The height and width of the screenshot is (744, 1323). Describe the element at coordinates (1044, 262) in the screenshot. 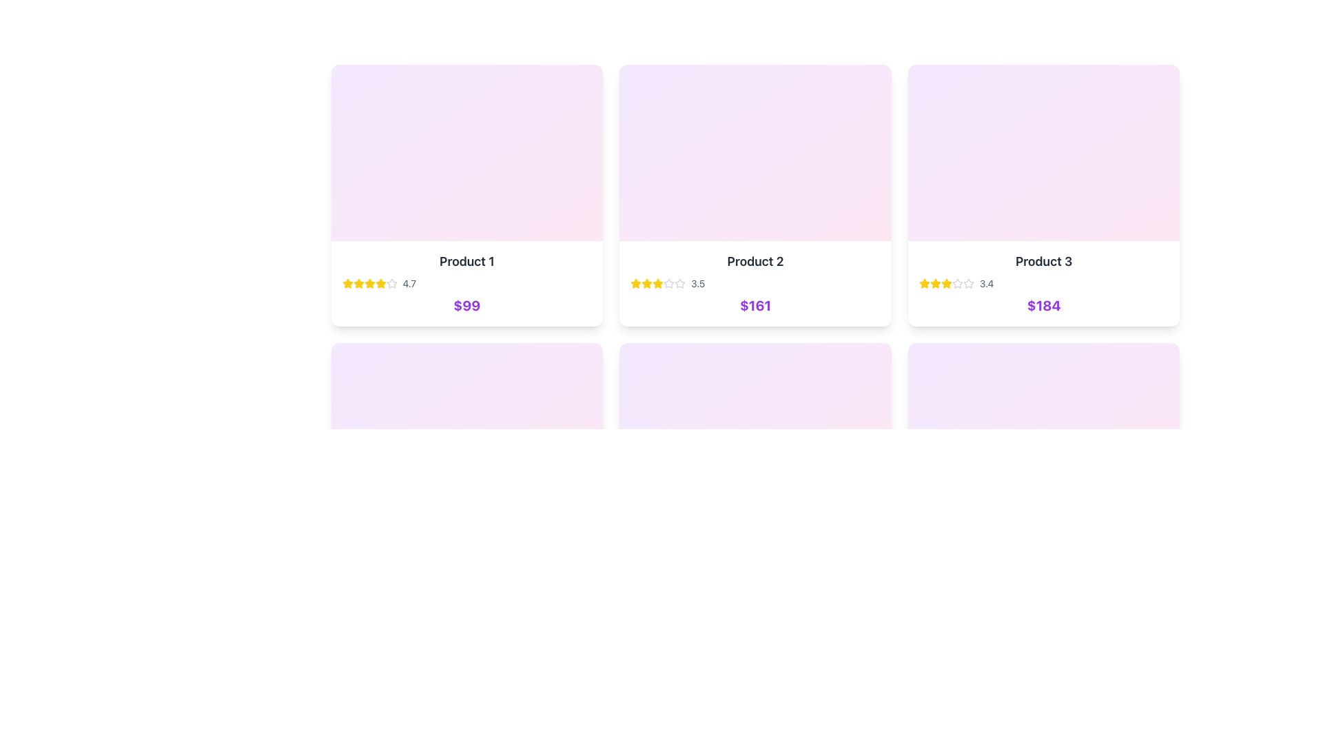

I see `the text label displaying the product name in the third card` at that location.